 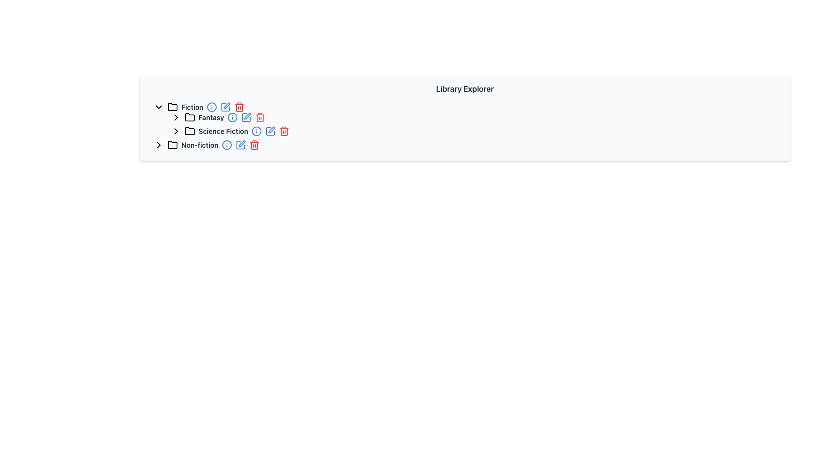 I want to click on the blue edit icon button next to the 'Fiction' folder, so click(x=226, y=107).